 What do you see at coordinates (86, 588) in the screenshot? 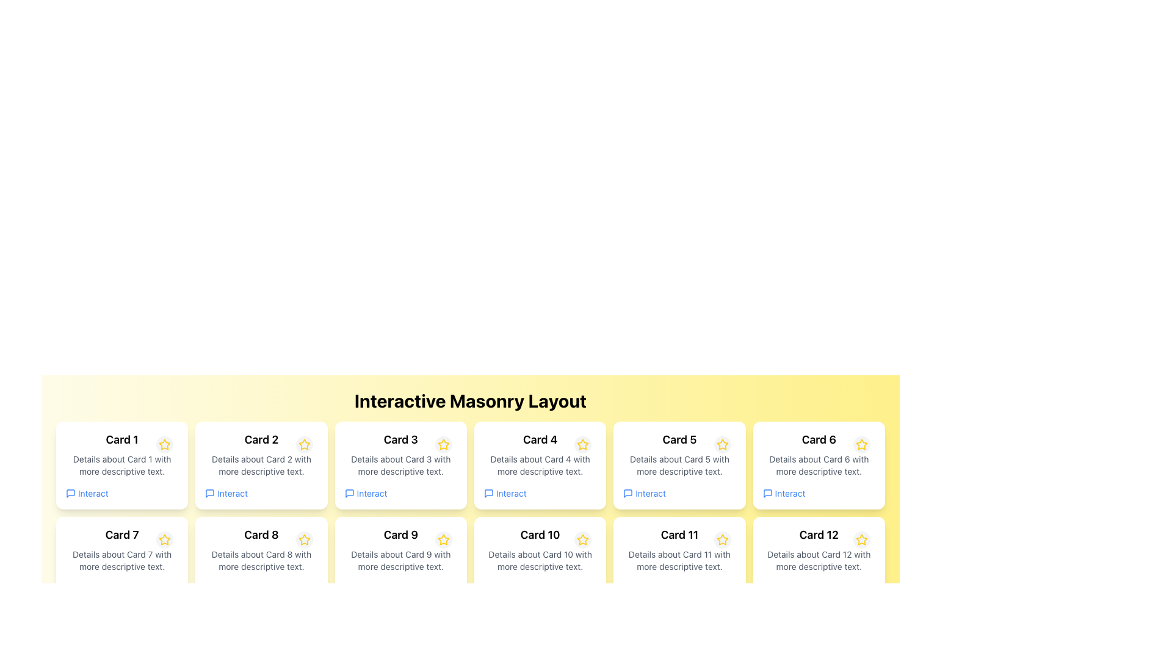
I see `the Interactive Link located at the bottom left of 'Card 7' to interact with the content` at bounding box center [86, 588].